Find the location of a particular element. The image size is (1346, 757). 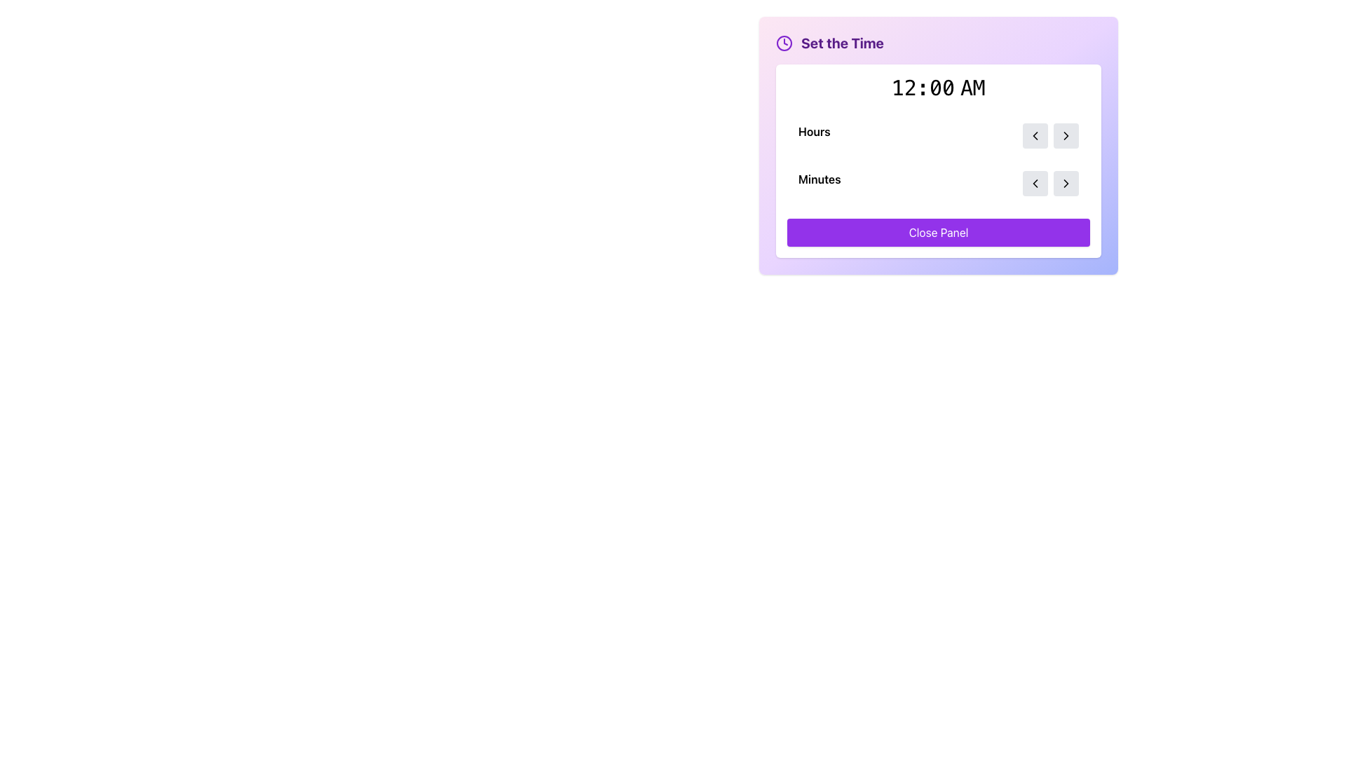

the left arrow button in the 'Minutes' section of the time-adjustment panel to decrease the displayed minute value is located at coordinates (1035, 183).